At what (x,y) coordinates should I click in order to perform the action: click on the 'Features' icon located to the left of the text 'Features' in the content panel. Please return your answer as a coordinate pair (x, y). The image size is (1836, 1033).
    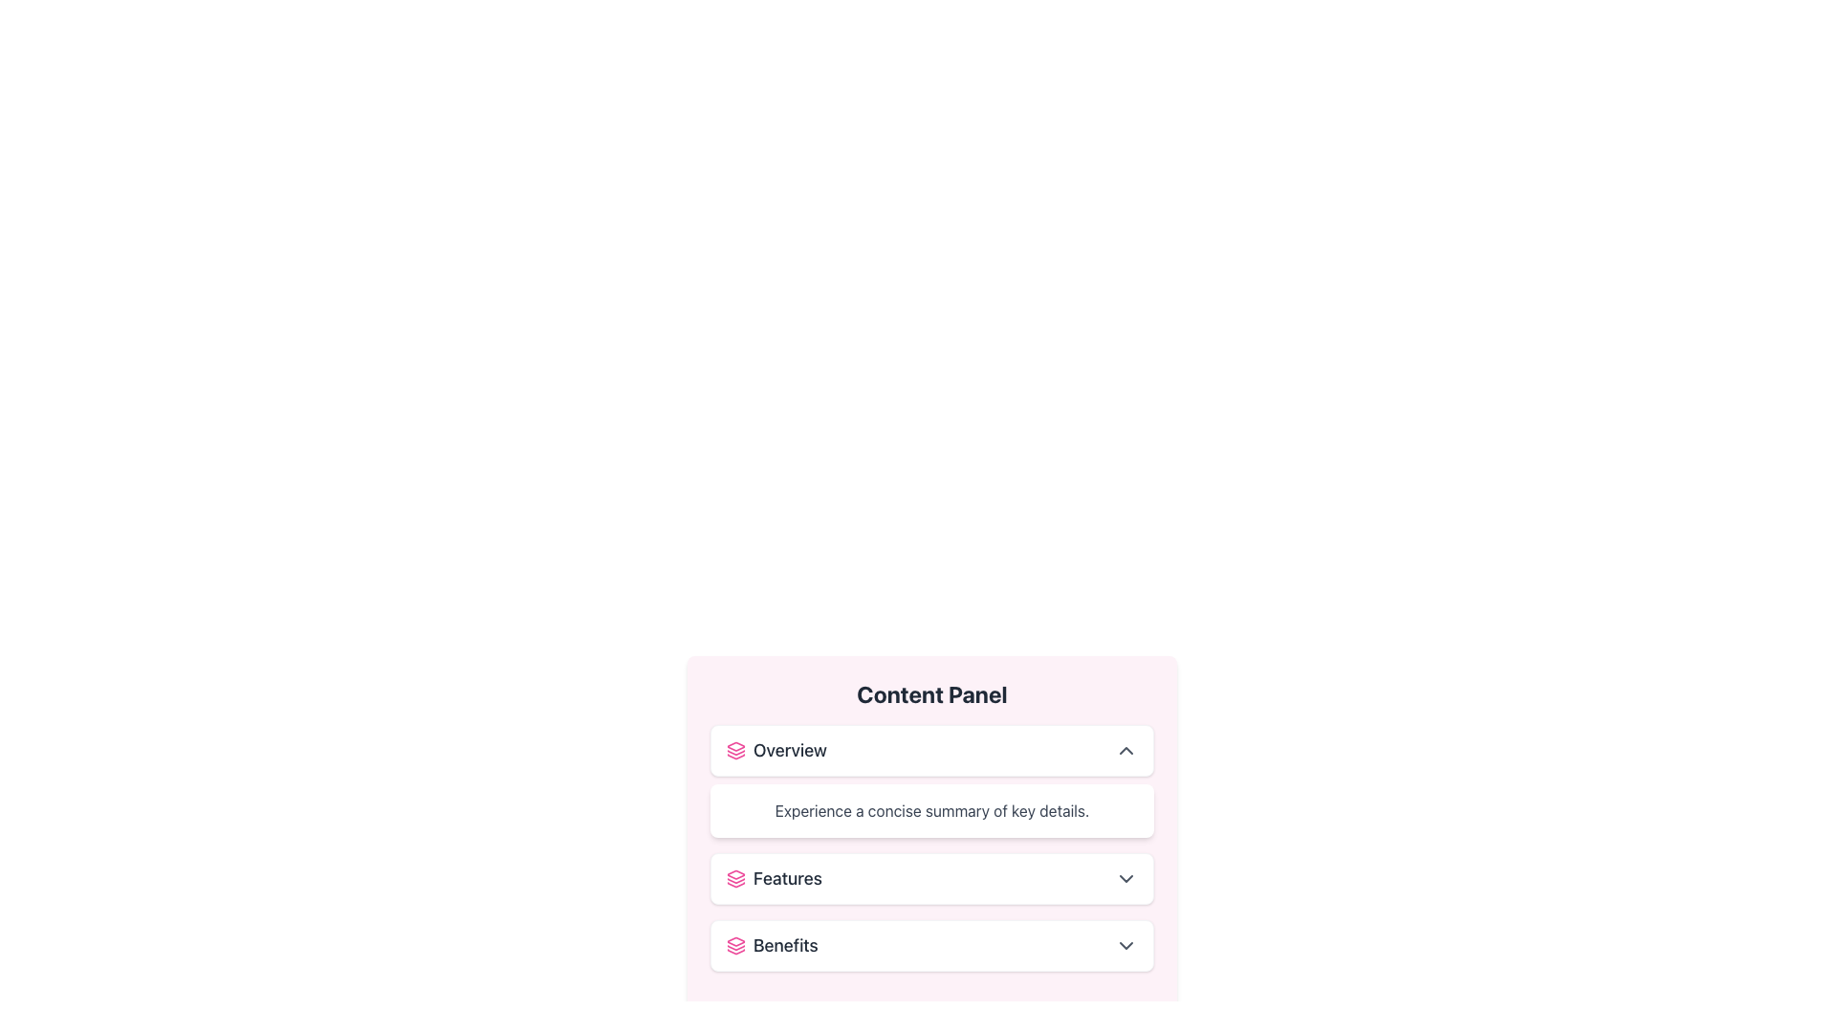
    Looking at the image, I should click on (734, 878).